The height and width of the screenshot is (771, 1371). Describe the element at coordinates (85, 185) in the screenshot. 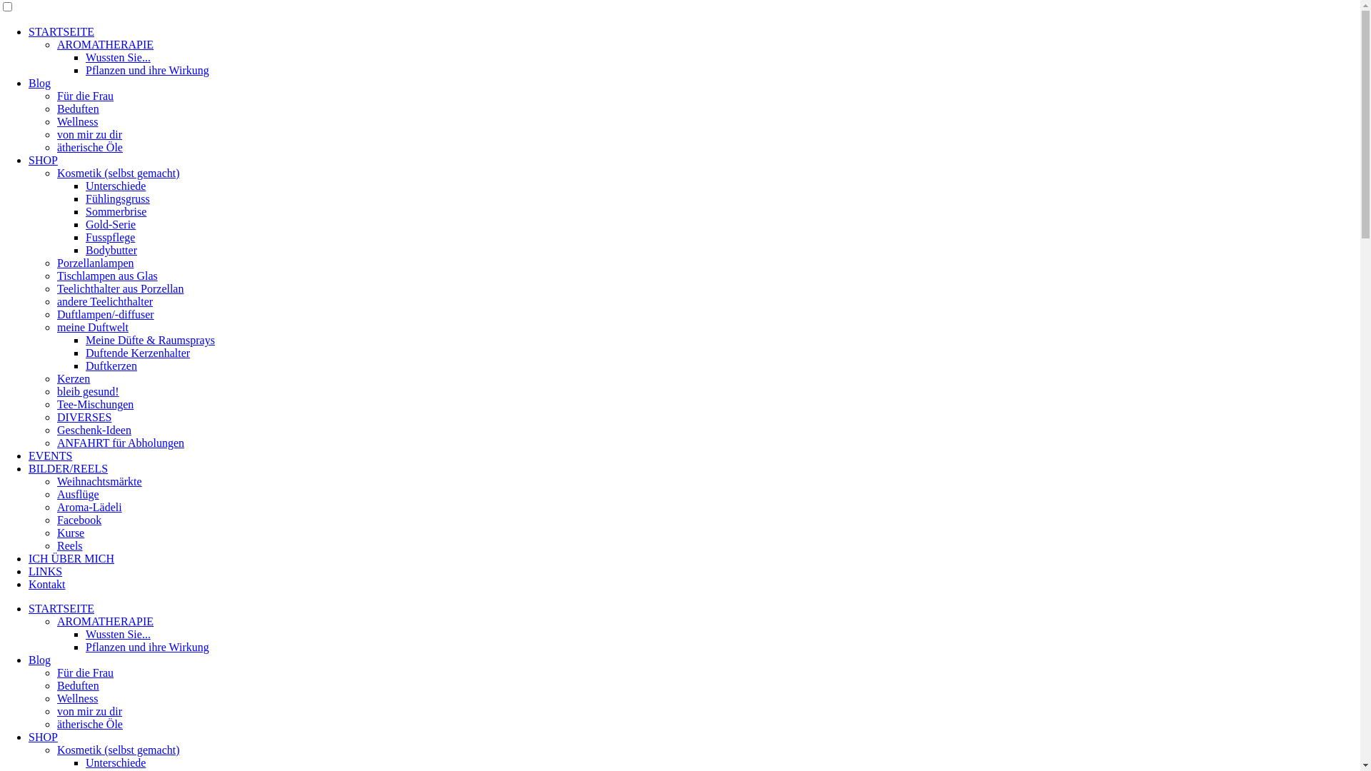

I see `'Unterschiede'` at that location.